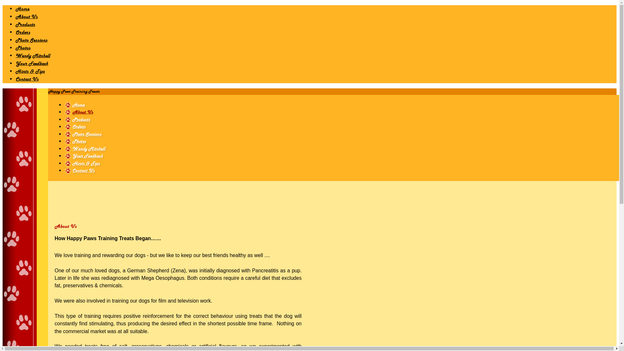 Image resolution: width=624 pixels, height=351 pixels. Describe the element at coordinates (83, 156) in the screenshot. I see `'Your Feedback'` at that location.